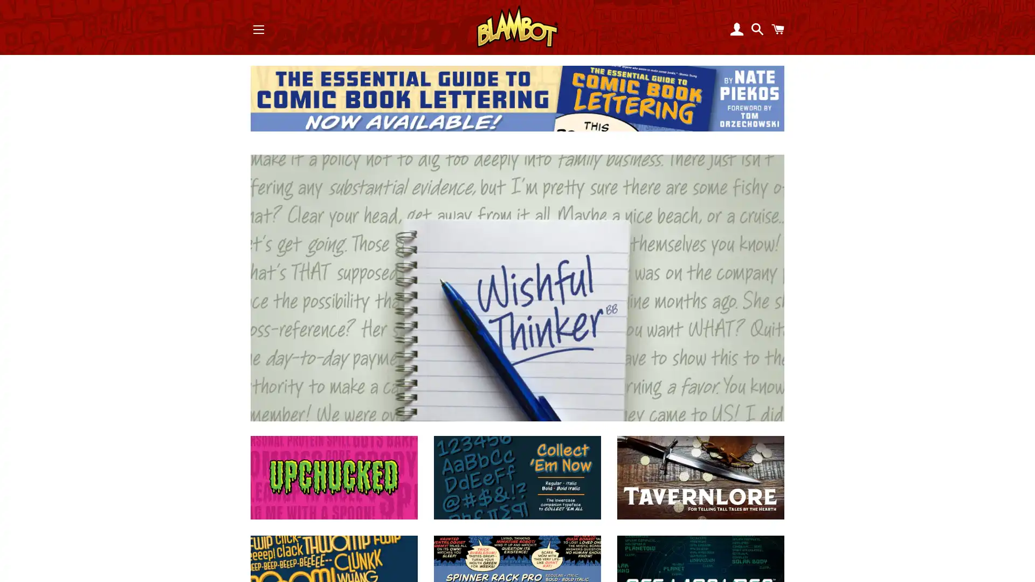 This screenshot has height=582, width=1035. Describe the element at coordinates (259, 29) in the screenshot. I see `SITE NAVIGATION` at that location.